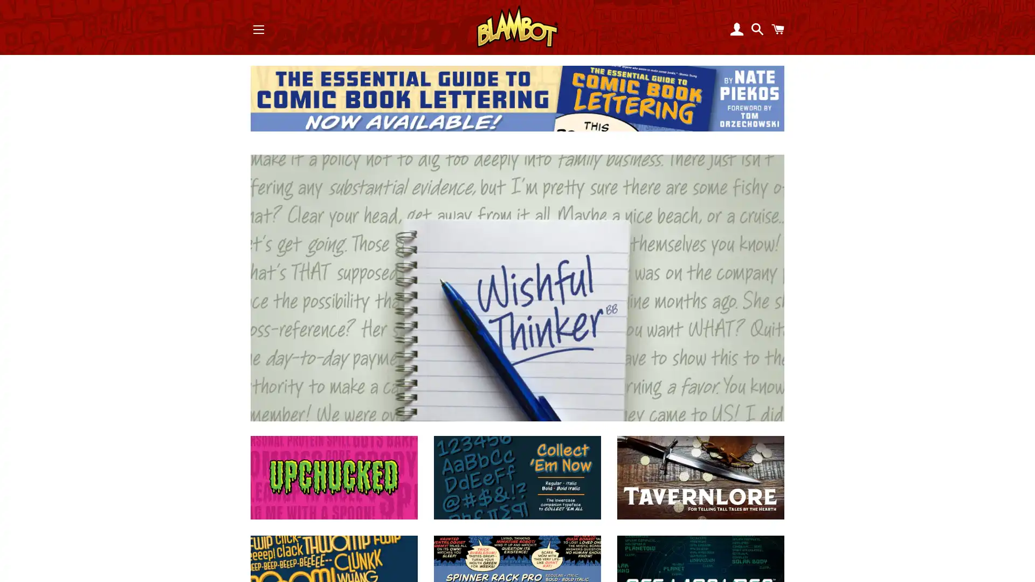 This screenshot has height=582, width=1035. Describe the element at coordinates (259, 29) in the screenshot. I see `SITE NAVIGATION` at that location.